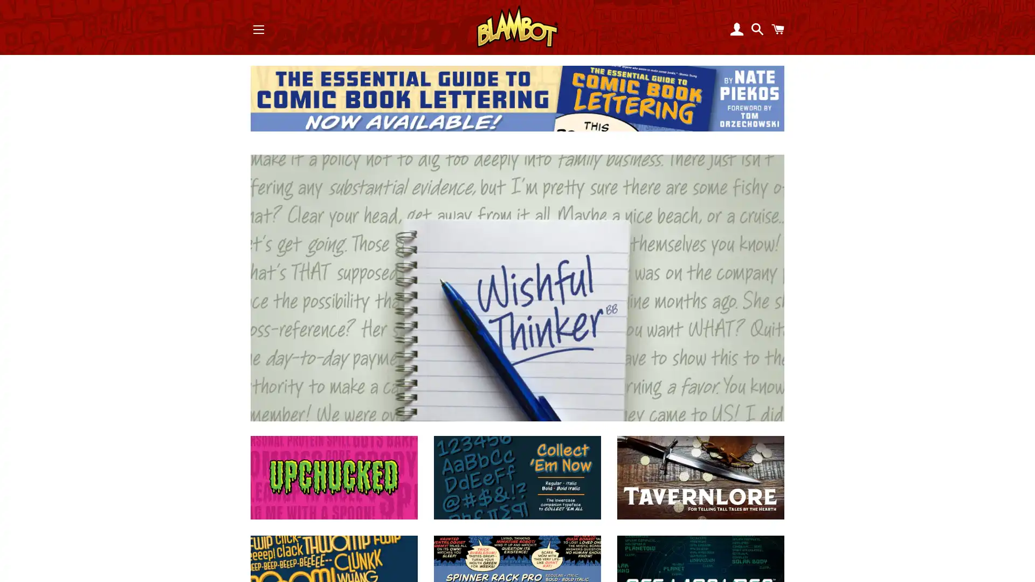 This screenshot has height=582, width=1035. Describe the element at coordinates (259, 29) in the screenshot. I see `SITE NAVIGATION` at that location.